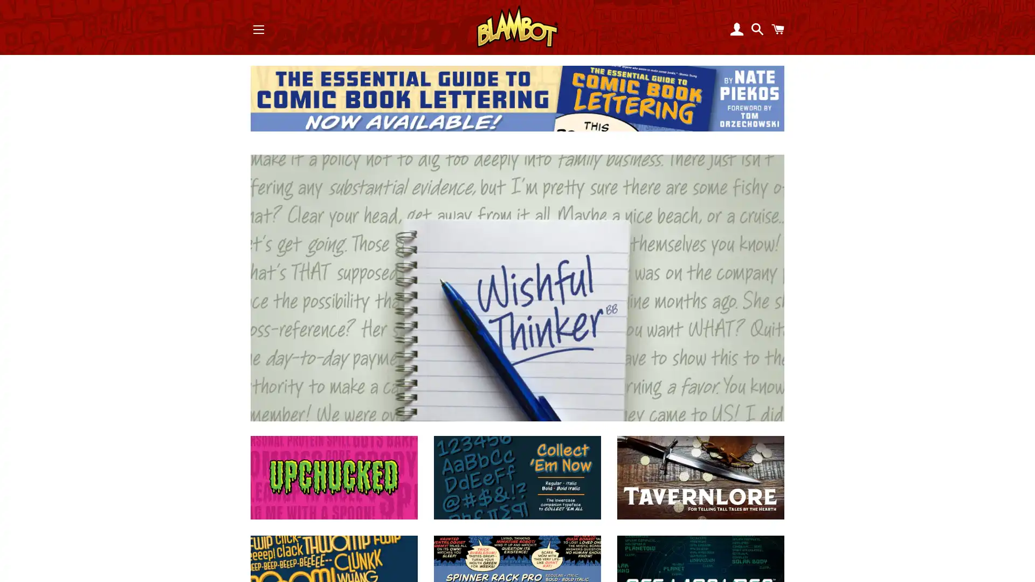 This screenshot has height=582, width=1035. Describe the element at coordinates (259, 29) in the screenshot. I see `SITE NAVIGATION` at that location.